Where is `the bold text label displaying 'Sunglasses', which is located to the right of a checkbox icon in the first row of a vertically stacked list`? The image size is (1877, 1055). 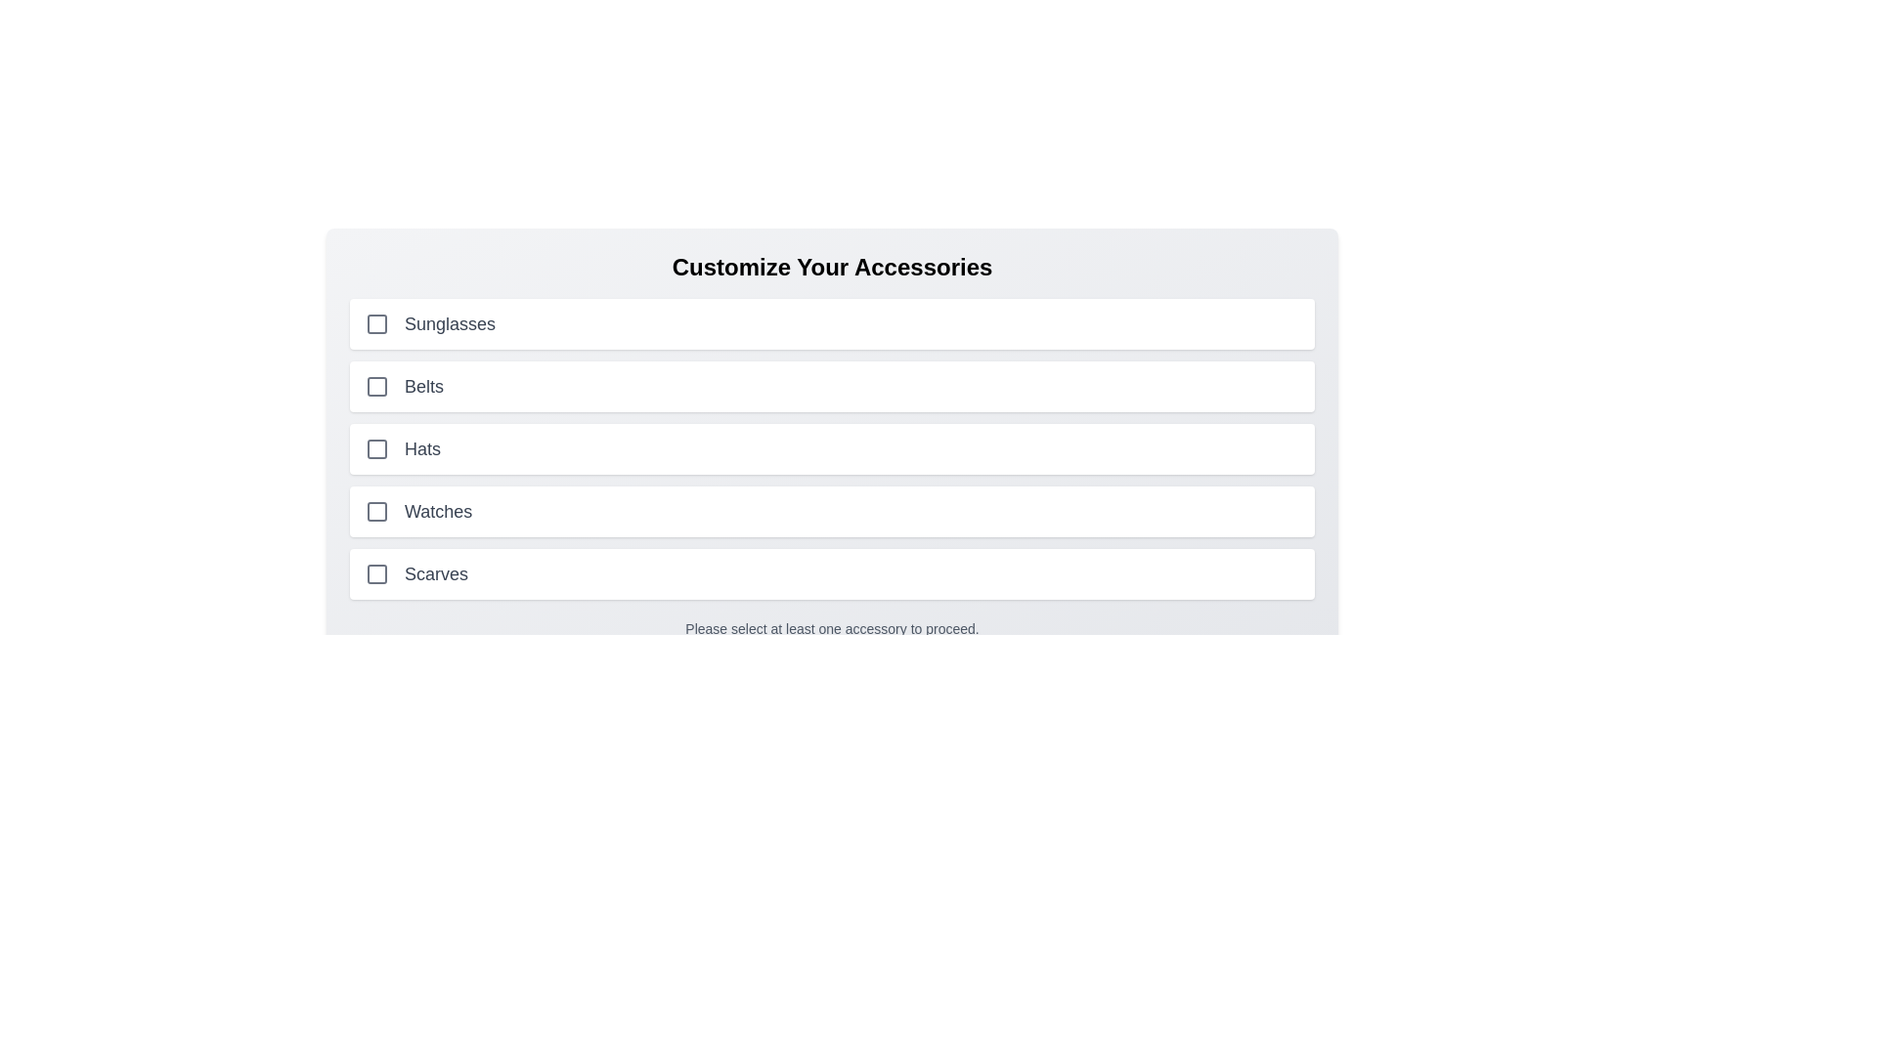 the bold text label displaying 'Sunglasses', which is located to the right of a checkbox icon in the first row of a vertically stacked list is located at coordinates (449, 322).